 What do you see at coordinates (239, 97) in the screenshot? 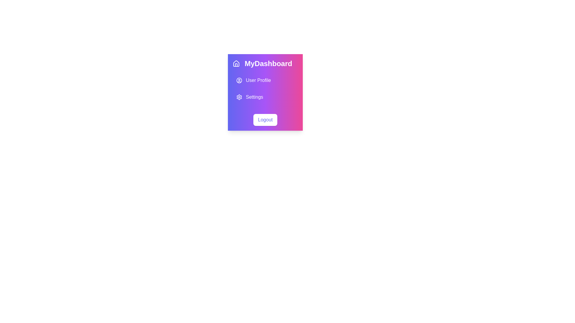
I see `the visual cue of the 'Settings' icon located in the sidebar, positioned to the left of the text 'Settings'` at bounding box center [239, 97].